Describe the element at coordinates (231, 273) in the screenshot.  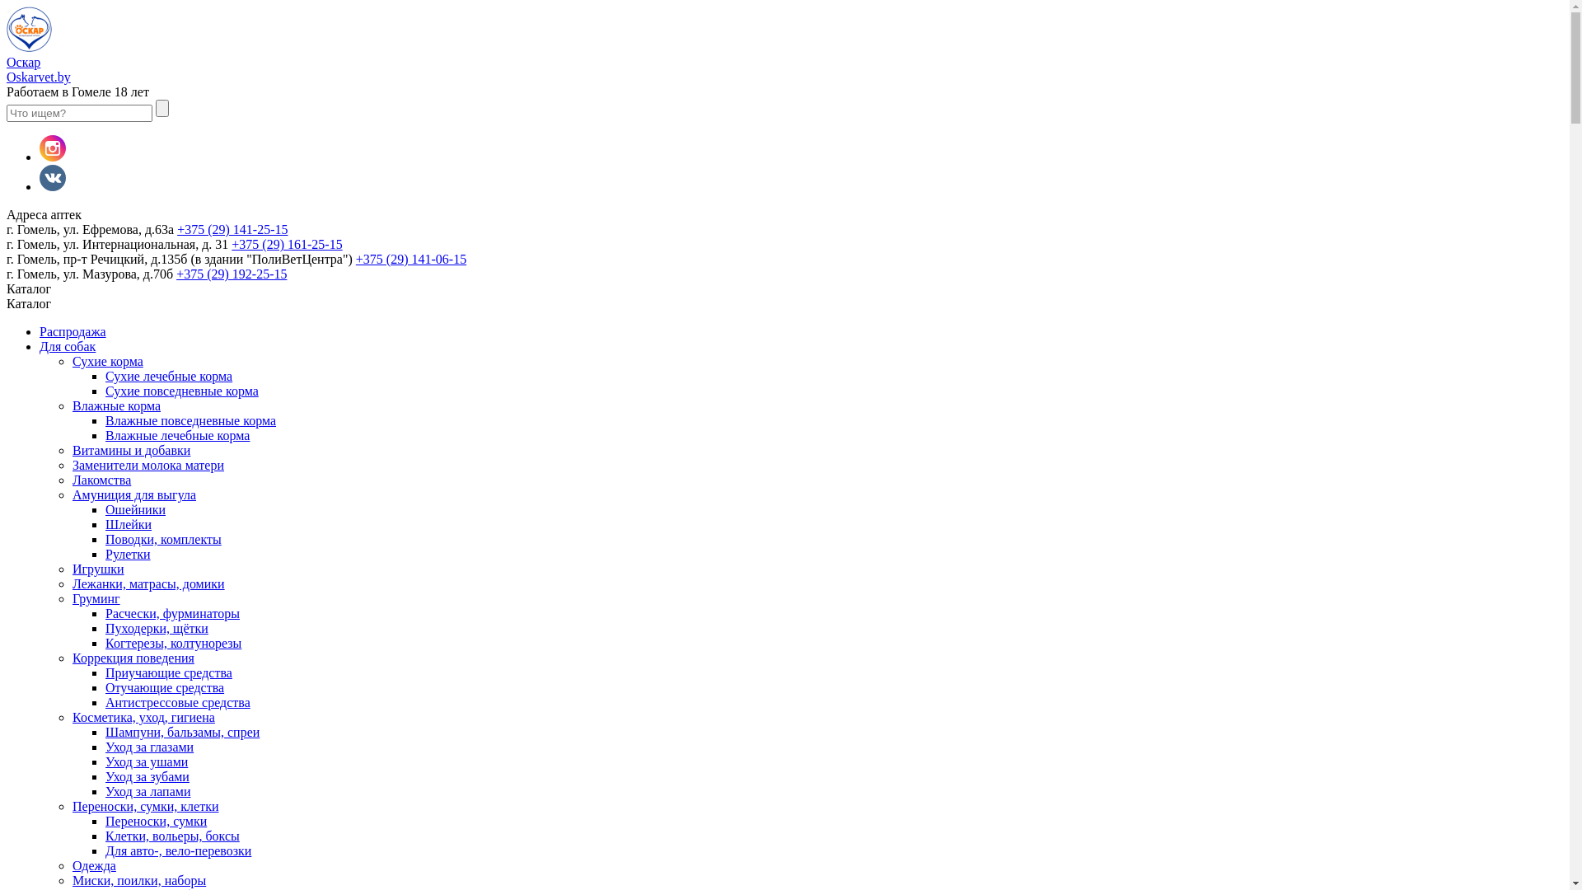
I see `'+375 (29) 192-25-15'` at that location.